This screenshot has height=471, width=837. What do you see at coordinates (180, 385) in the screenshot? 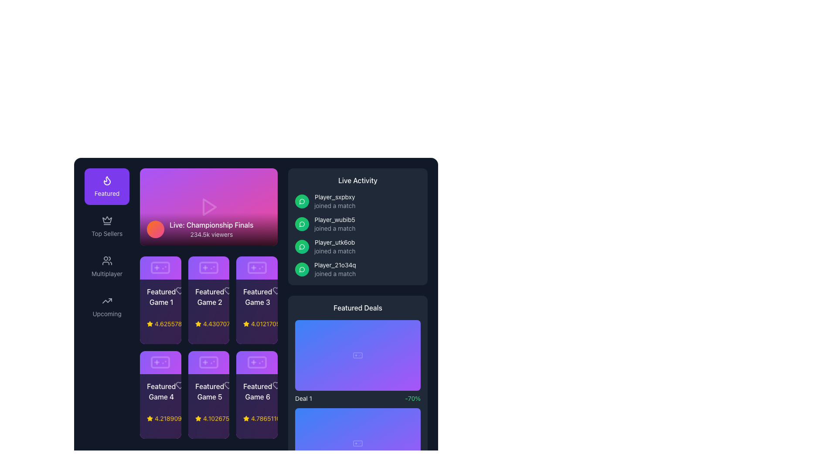
I see `the heart icon button` at bounding box center [180, 385].